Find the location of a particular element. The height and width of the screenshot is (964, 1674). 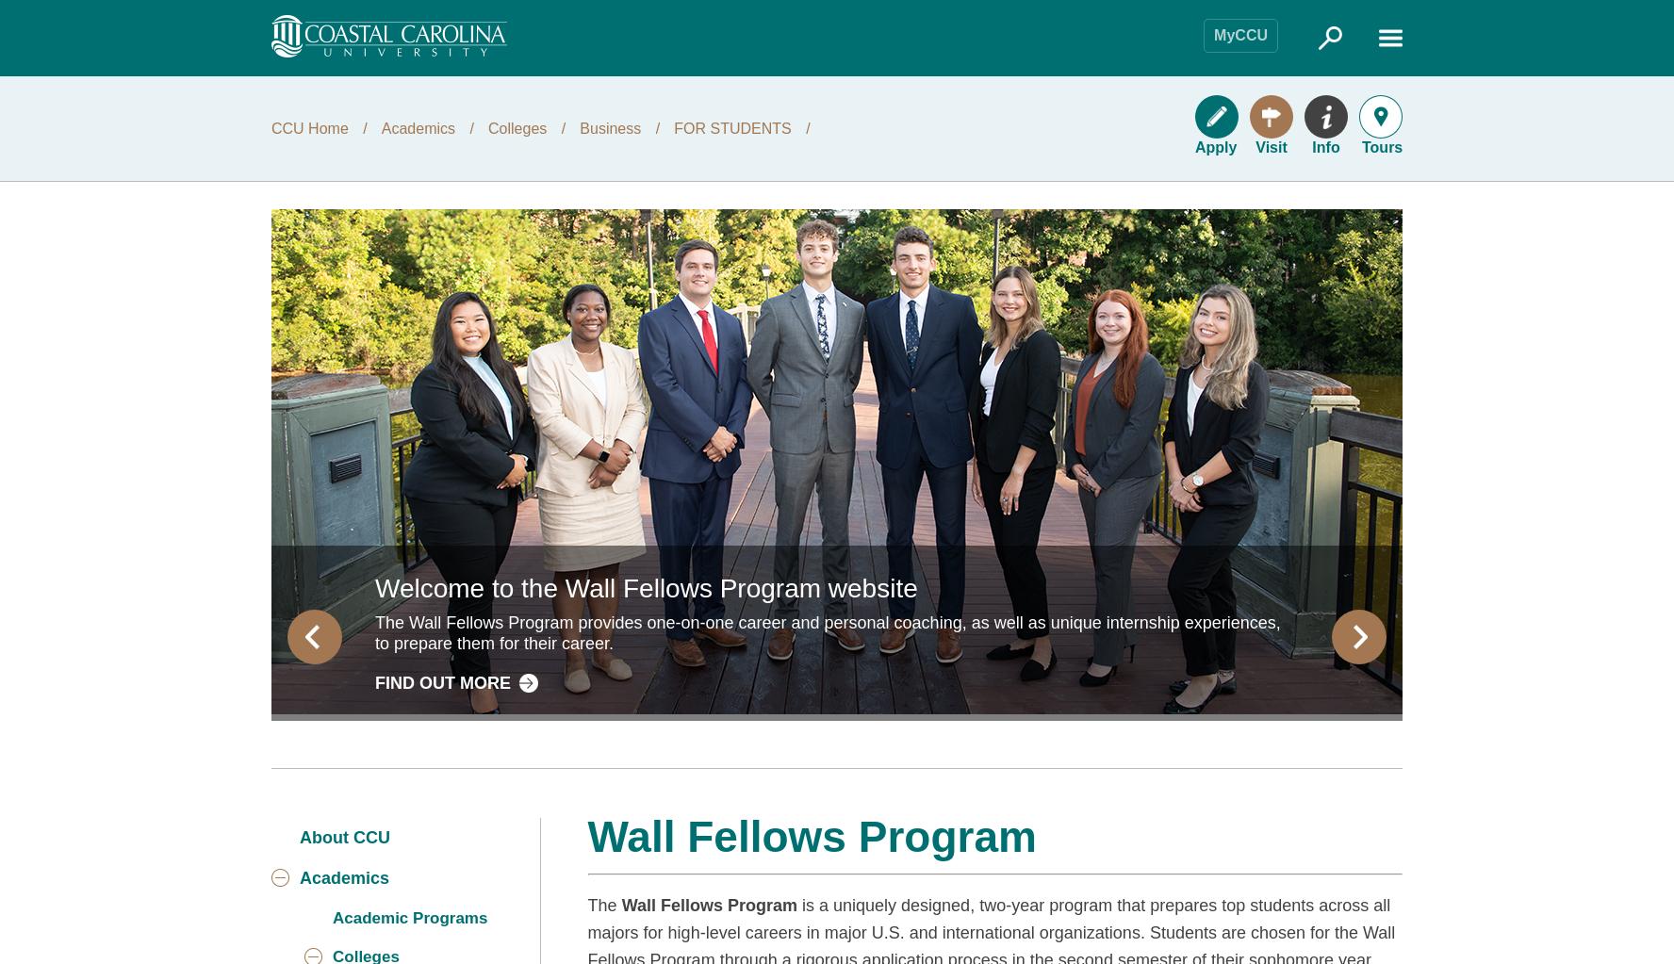

'Colleges' is located at coordinates (517, 126).